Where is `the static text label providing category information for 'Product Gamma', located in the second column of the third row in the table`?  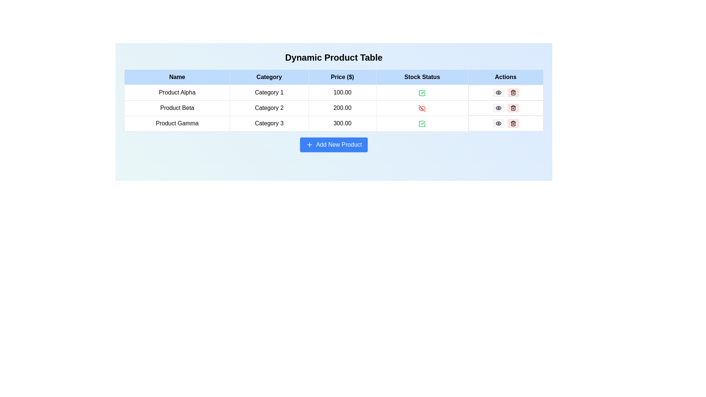
the static text label providing category information for 'Product Gamma', located in the second column of the third row in the table is located at coordinates (269, 123).